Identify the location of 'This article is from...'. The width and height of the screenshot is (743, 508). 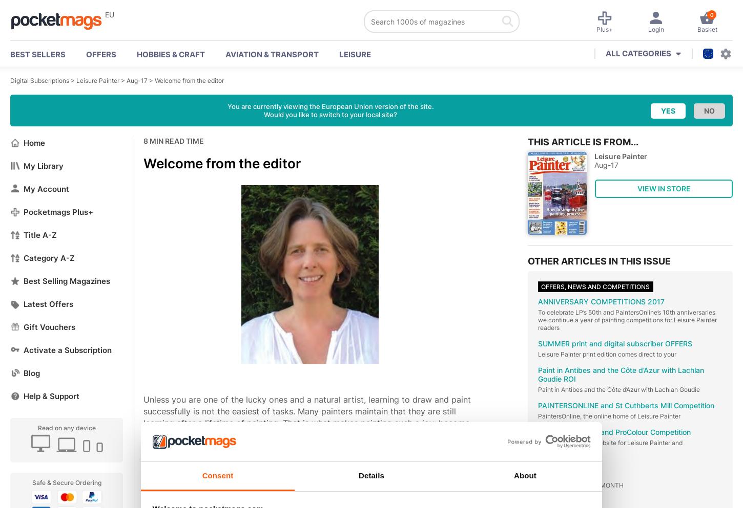
(582, 142).